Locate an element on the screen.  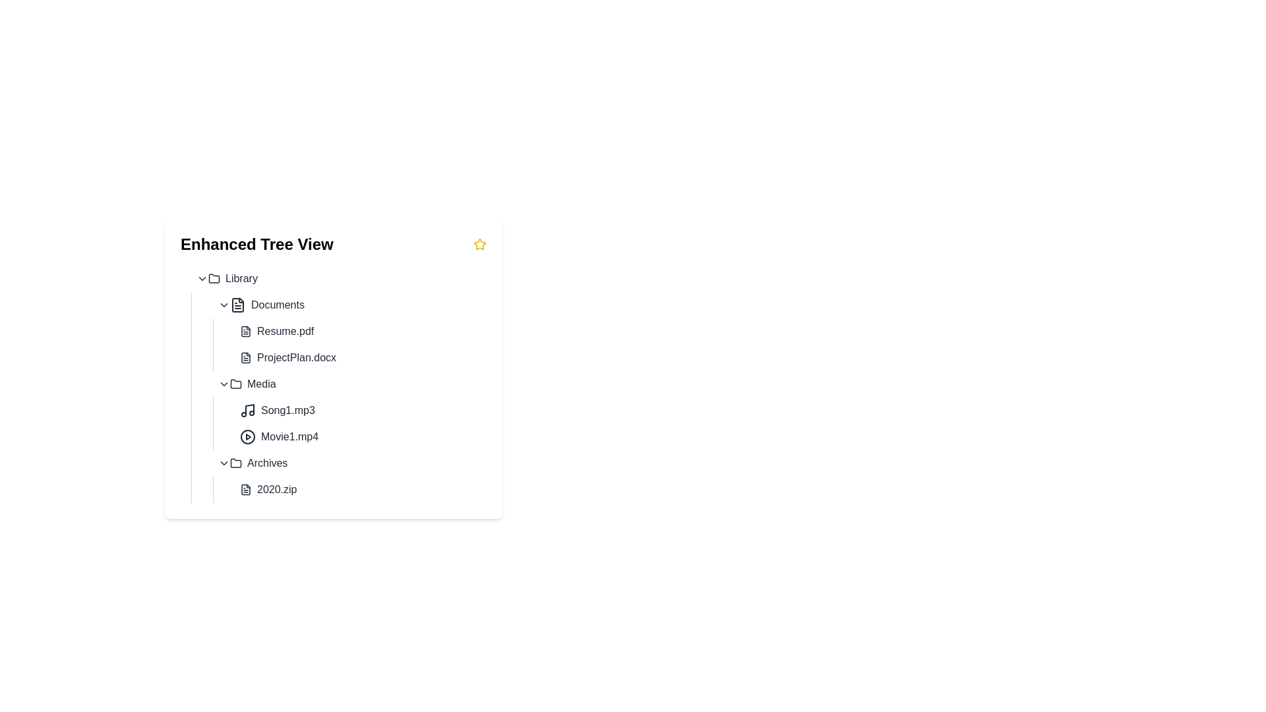
the vertical line of the musical note icon located inside the 'Media' folder listing, adjacent to 'Song1.mp3' is located at coordinates (250, 409).